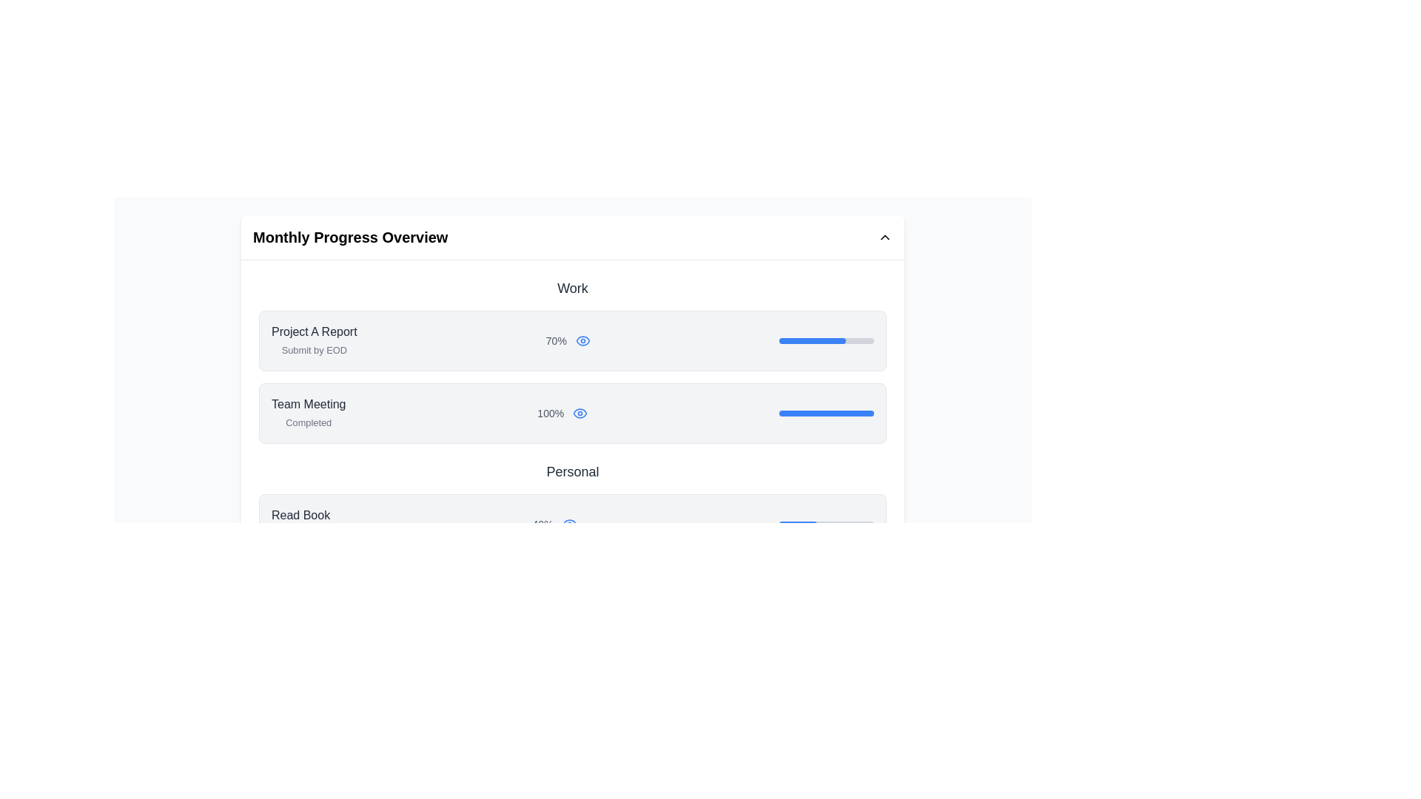 This screenshot has height=799, width=1421. What do you see at coordinates (300, 515) in the screenshot?
I see `the 'Read Book' text label located in the 'Personal' section at the top of the third panel` at bounding box center [300, 515].